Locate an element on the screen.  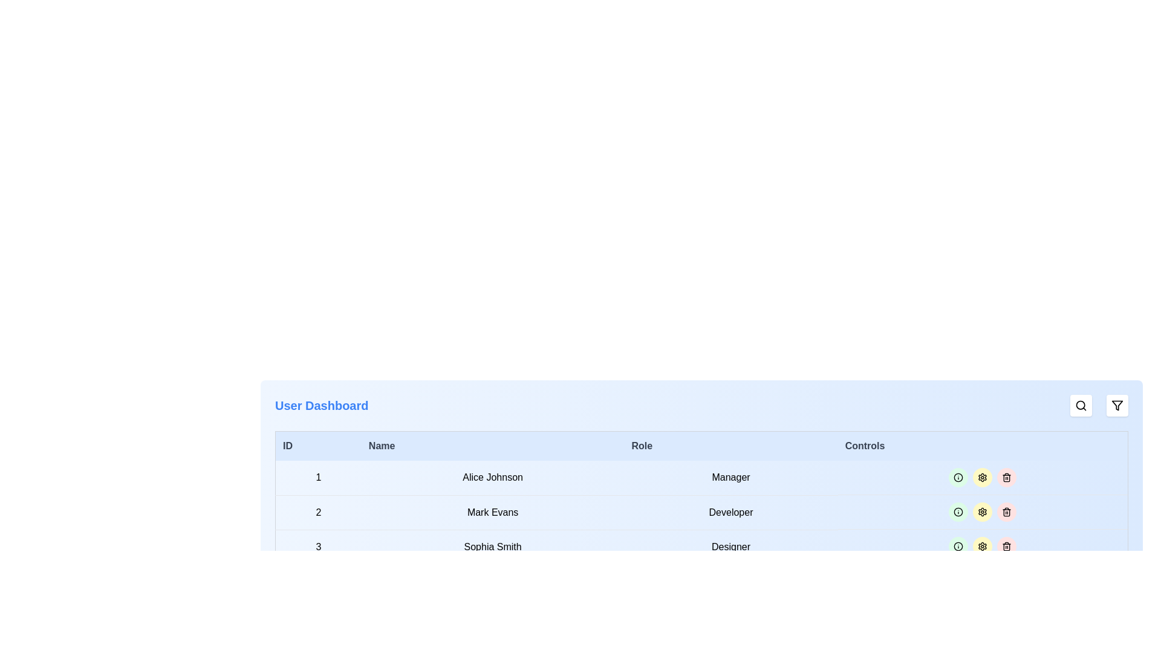
the filter icon, which is a triangular-shaped graphical component resembling a funnel, located in the upper-right corner of the blue interface is located at coordinates (1117, 406).